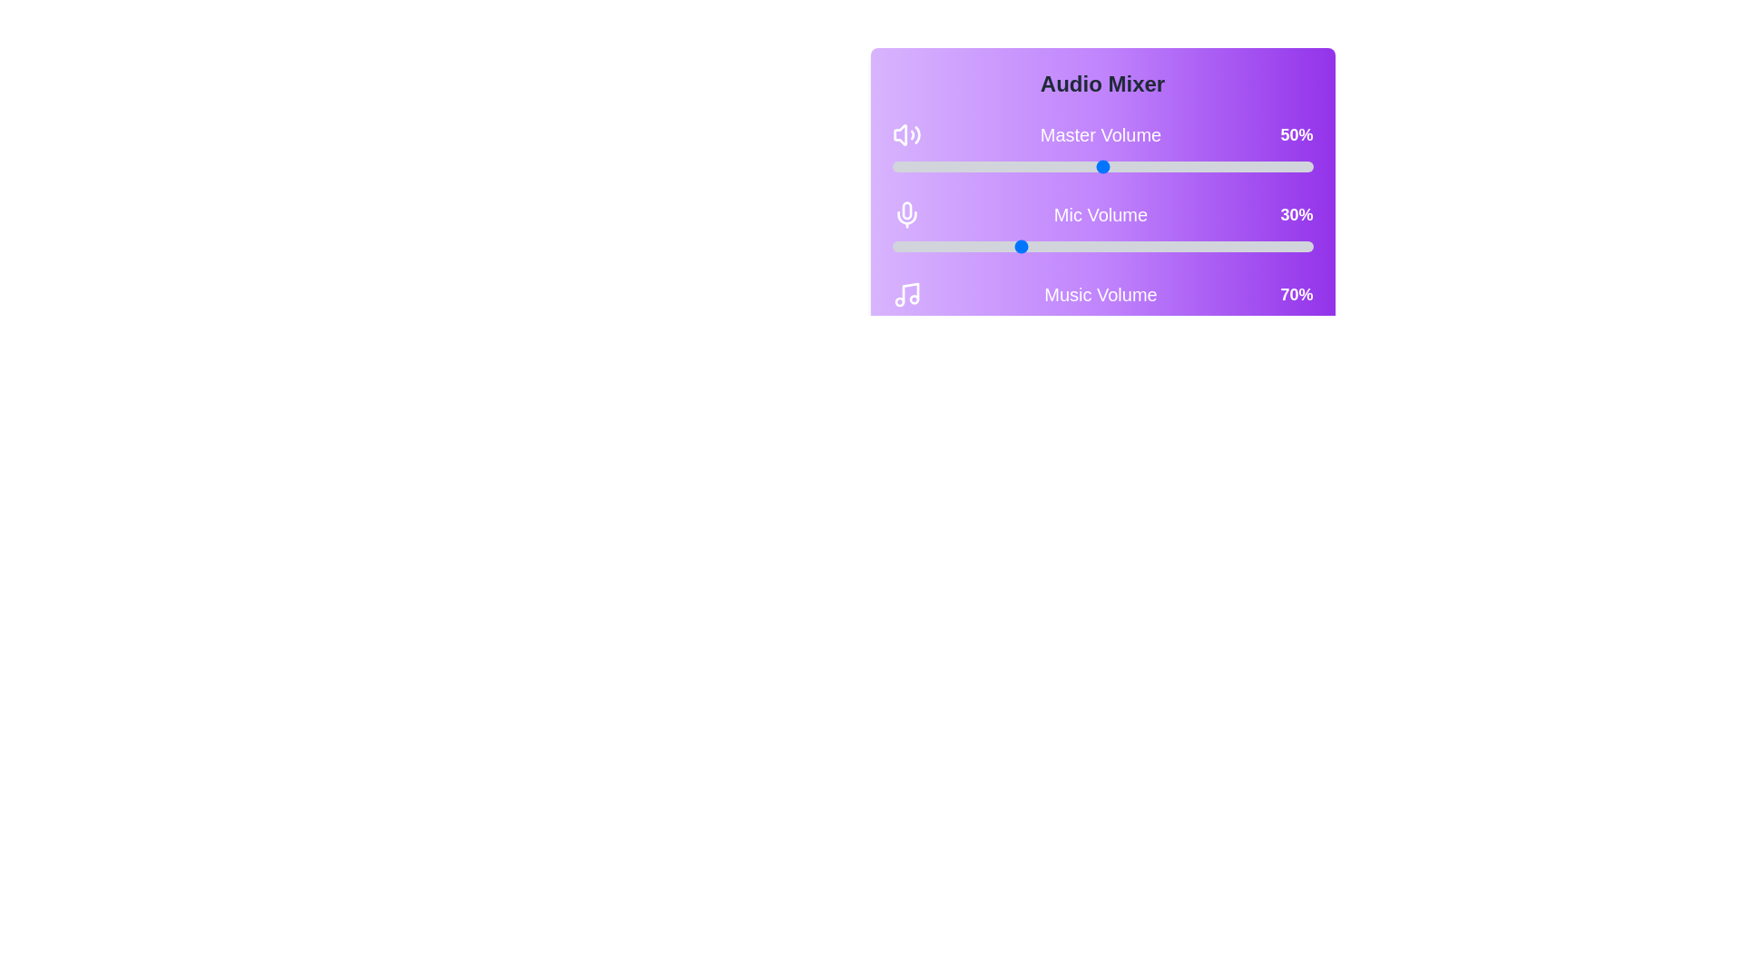 The height and width of the screenshot is (980, 1742). Describe the element at coordinates (1110, 247) in the screenshot. I see `the microphone volume` at that location.